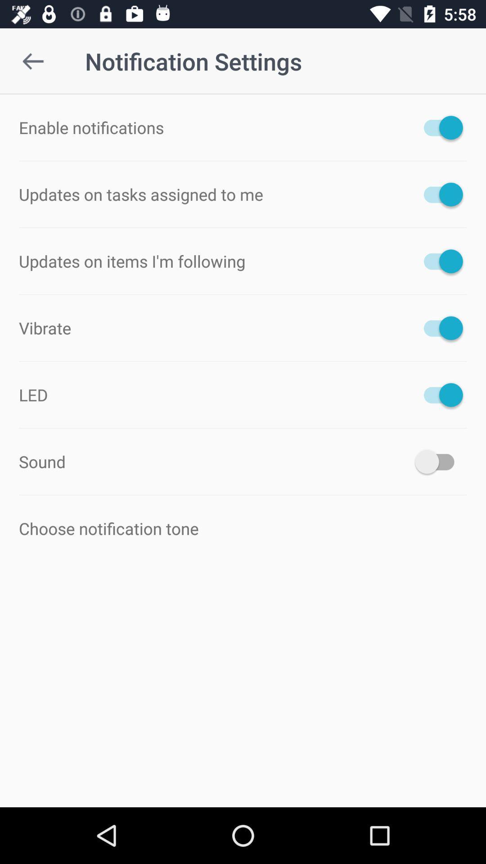 The height and width of the screenshot is (864, 486). Describe the element at coordinates (32, 61) in the screenshot. I see `item next to the notification settings` at that location.